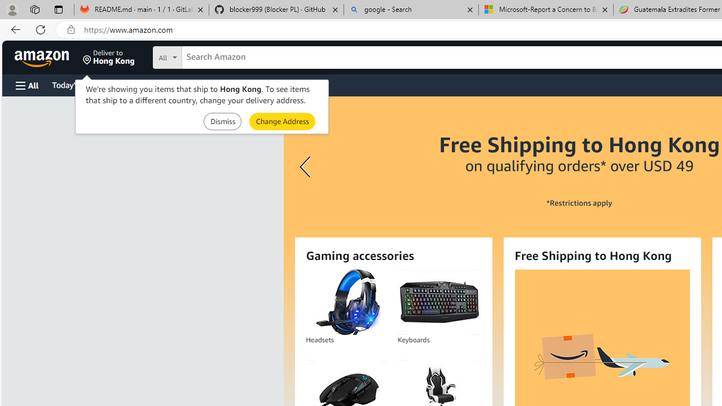 The width and height of the screenshot is (722, 406). I want to click on 'Amazon', so click(43, 57).